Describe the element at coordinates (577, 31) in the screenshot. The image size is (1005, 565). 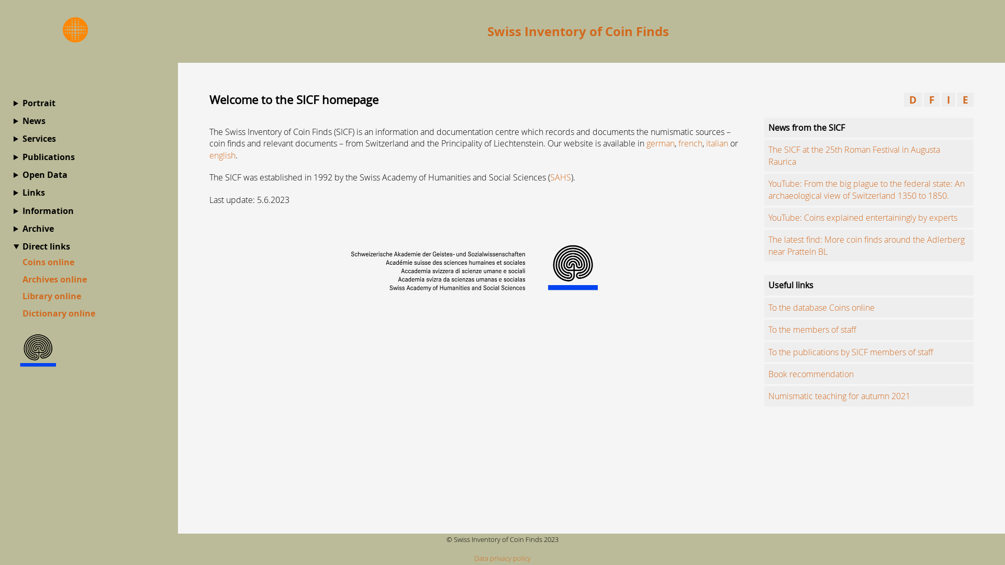
I see `'Swiss Inventory of Coin Finds'` at that location.